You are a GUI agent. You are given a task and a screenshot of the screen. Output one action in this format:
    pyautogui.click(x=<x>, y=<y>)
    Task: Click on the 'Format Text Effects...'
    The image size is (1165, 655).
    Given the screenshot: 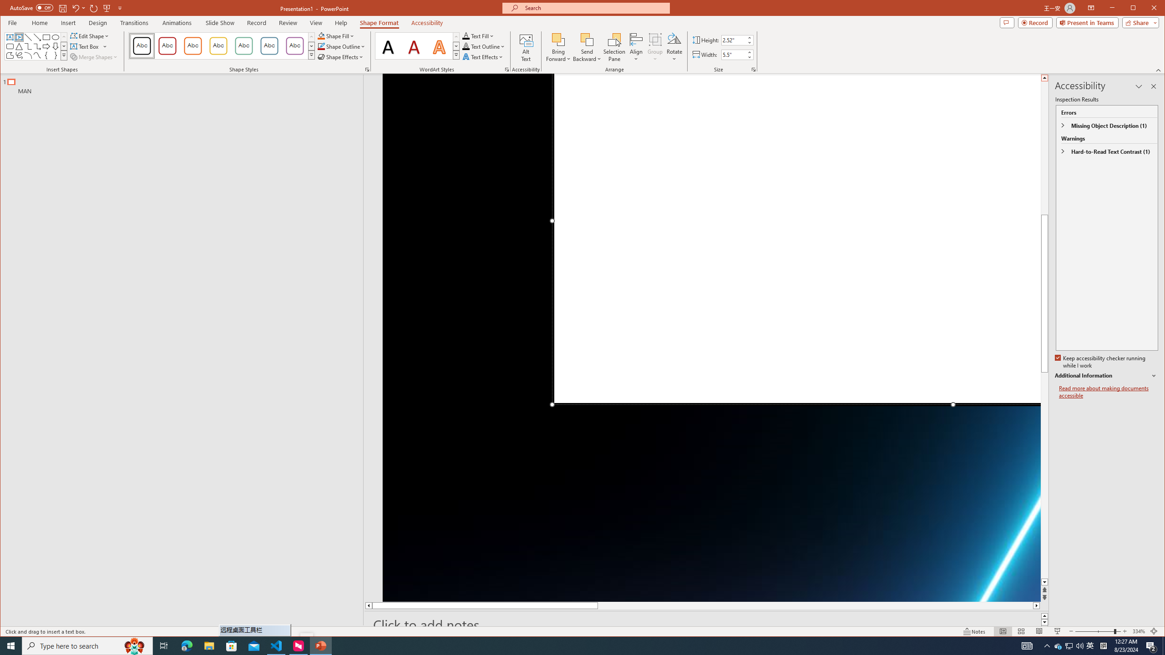 What is the action you would take?
    pyautogui.click(x=506, y=70)
    